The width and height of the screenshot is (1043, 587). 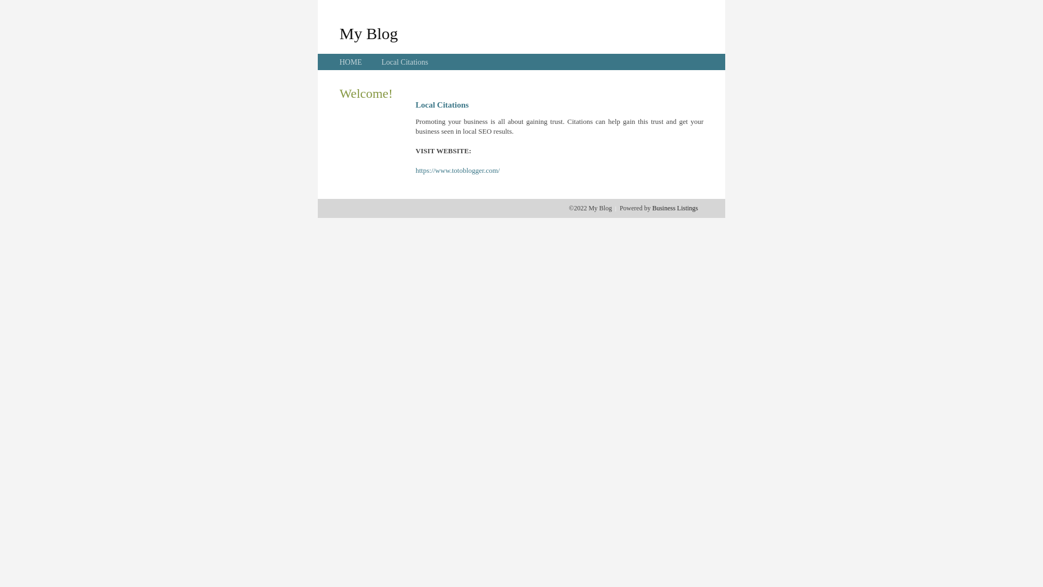 What do you see at coordinates (350, 62) in the screenshot?
I see `'HOME'` at bounding box center [350, 62].